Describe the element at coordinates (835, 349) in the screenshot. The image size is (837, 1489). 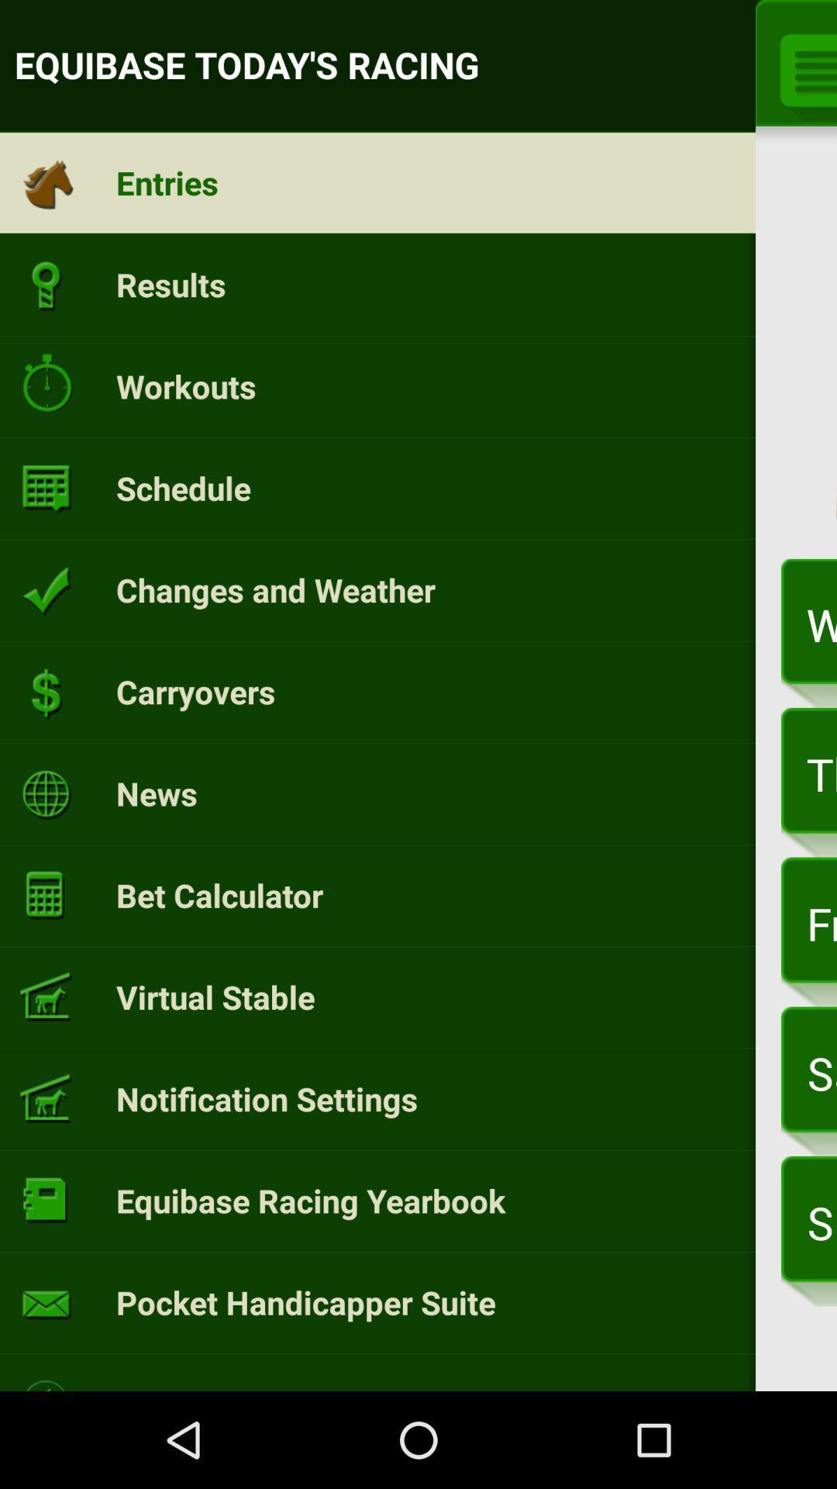
I see `app next to today item` at that location.